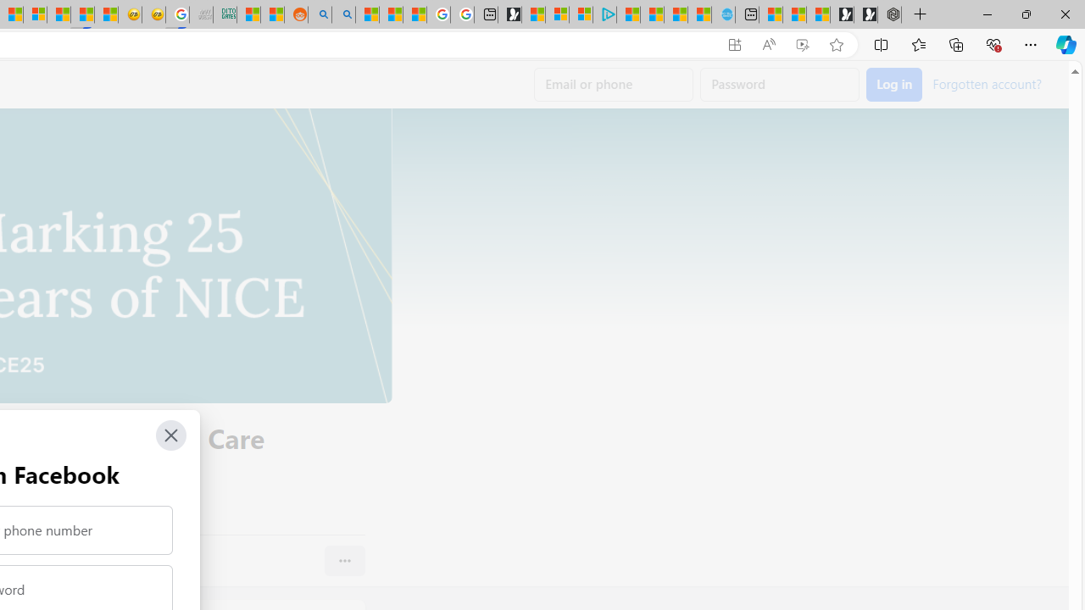 The height and width of the screenshot is (610, 1085). What do you see at coordinates (893, 85) in the screenshot?
I see `'Accessible login button'` at bounding box center [893, 85].